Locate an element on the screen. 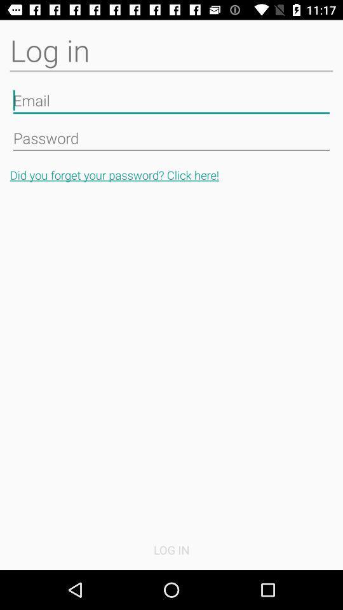 The height and width of the screenshot is (610, 343). the button above log in is located at coordinates (171, 174).